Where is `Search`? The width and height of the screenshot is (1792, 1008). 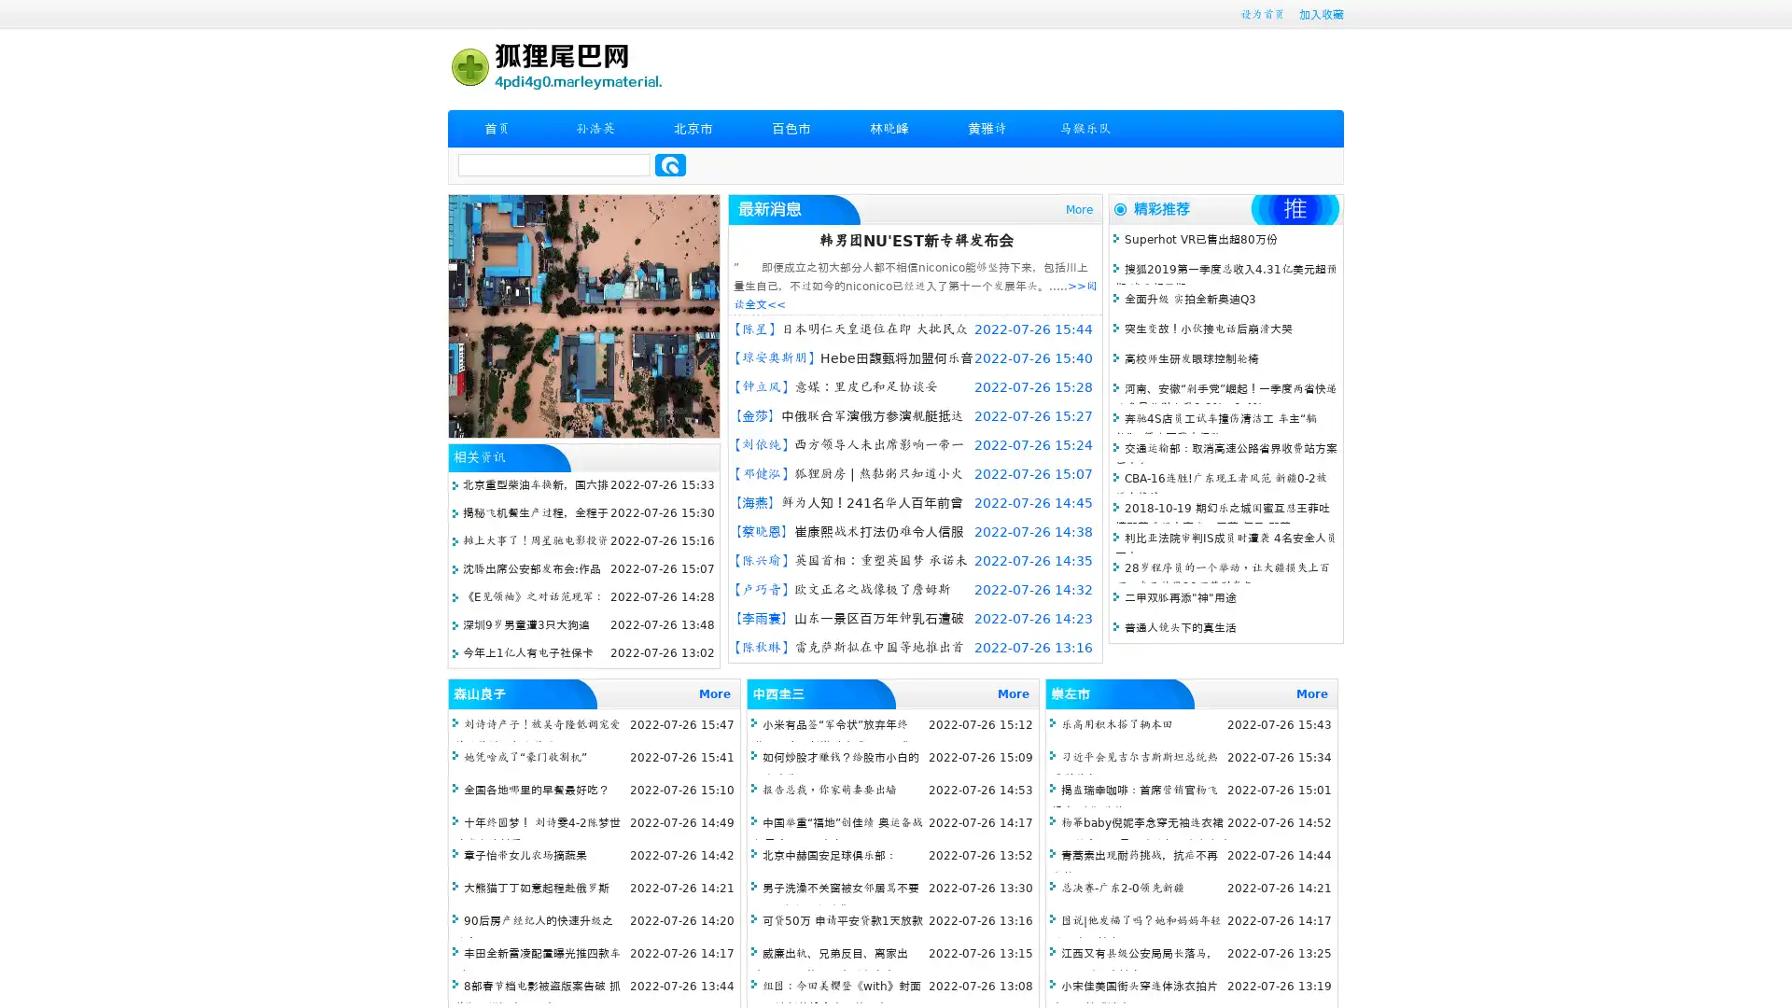
Search is located at coordinates (670, 164).